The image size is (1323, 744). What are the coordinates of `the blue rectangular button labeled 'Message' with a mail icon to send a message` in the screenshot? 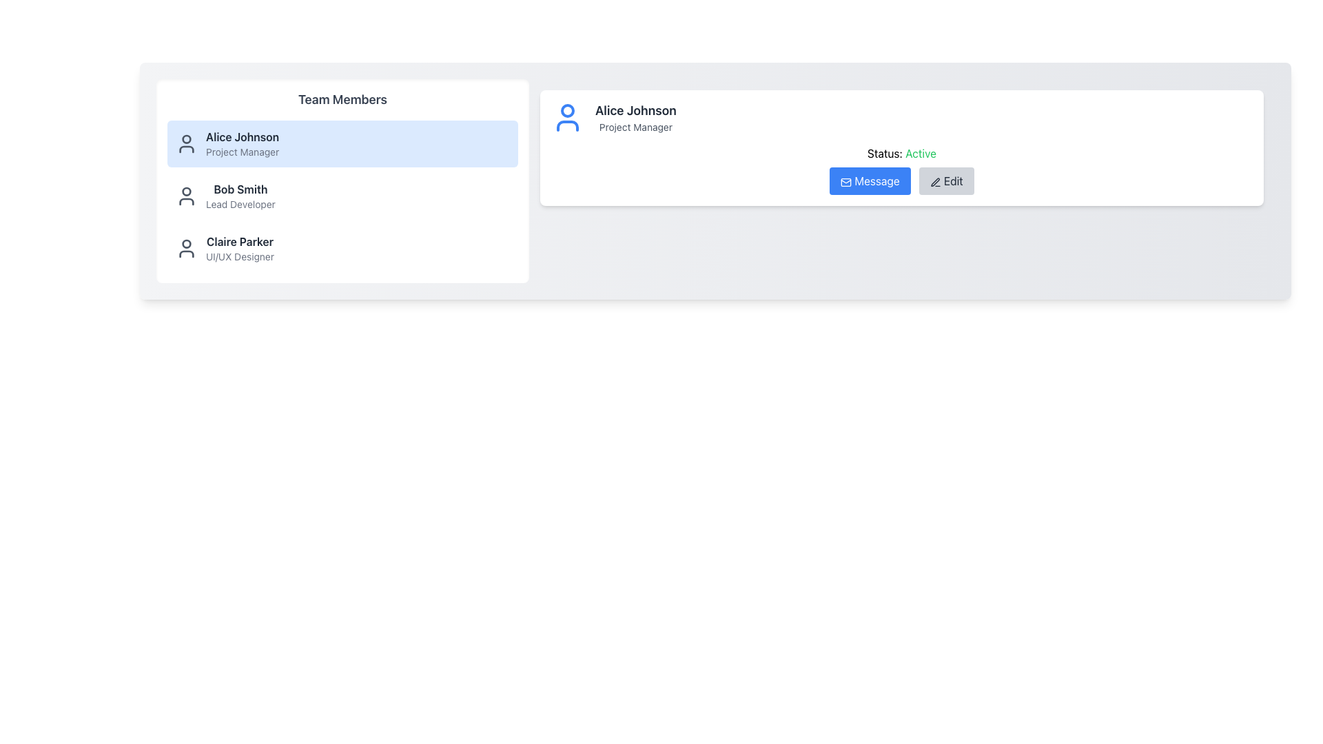 It's located at (869, 180).